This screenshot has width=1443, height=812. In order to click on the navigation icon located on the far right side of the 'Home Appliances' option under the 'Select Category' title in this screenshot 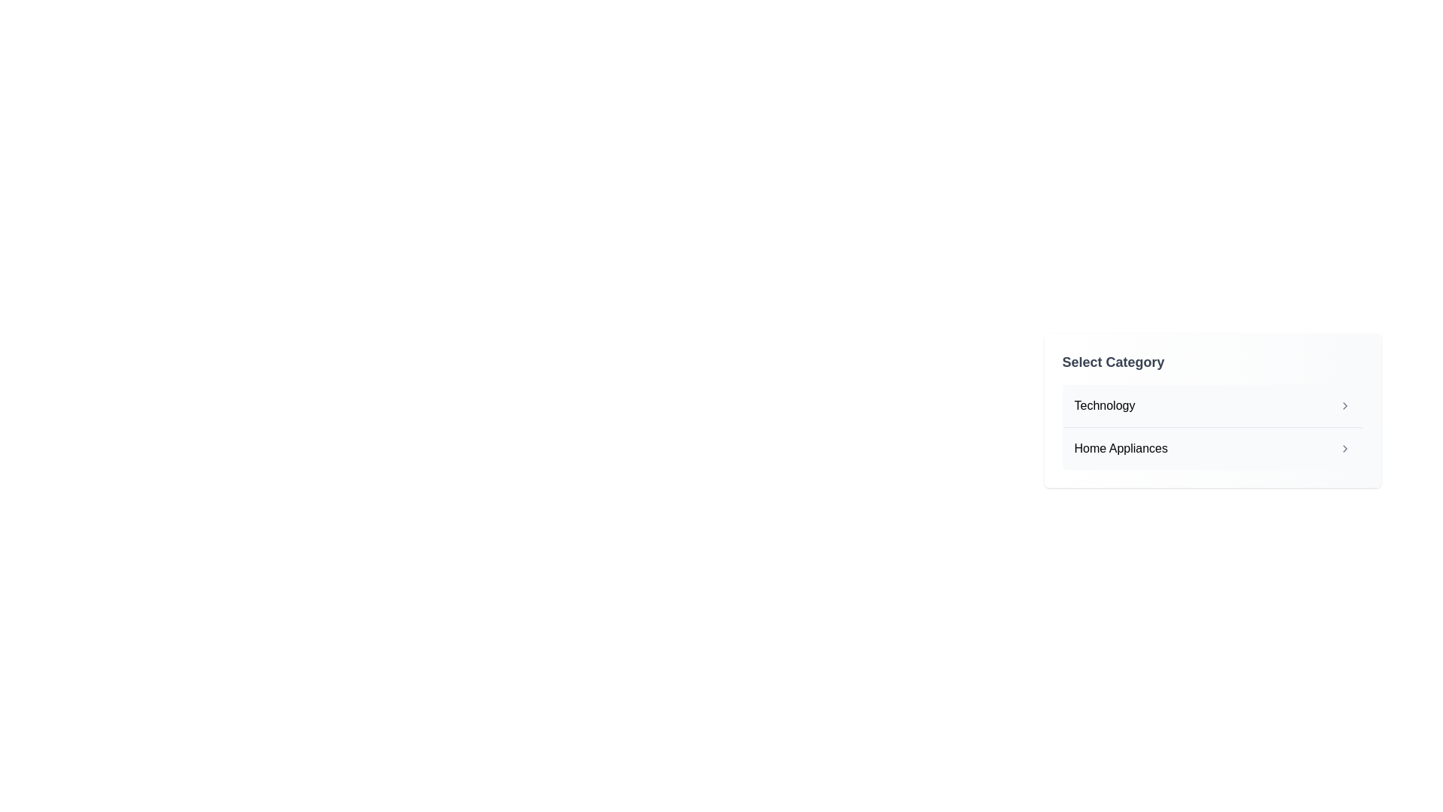, I will do `click(1345, 448)`.